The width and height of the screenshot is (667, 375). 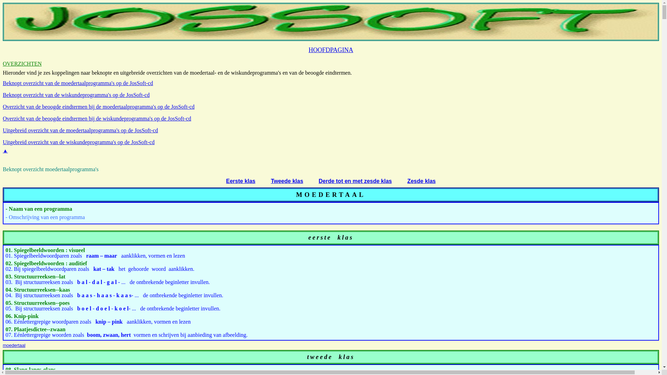 I want to click on 'Tweede klas', so click(x=287, y=181).